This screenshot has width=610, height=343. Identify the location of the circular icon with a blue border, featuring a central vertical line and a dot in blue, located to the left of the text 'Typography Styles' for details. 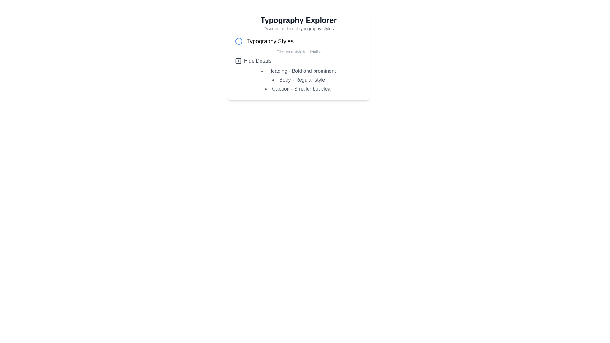
(239, 41).